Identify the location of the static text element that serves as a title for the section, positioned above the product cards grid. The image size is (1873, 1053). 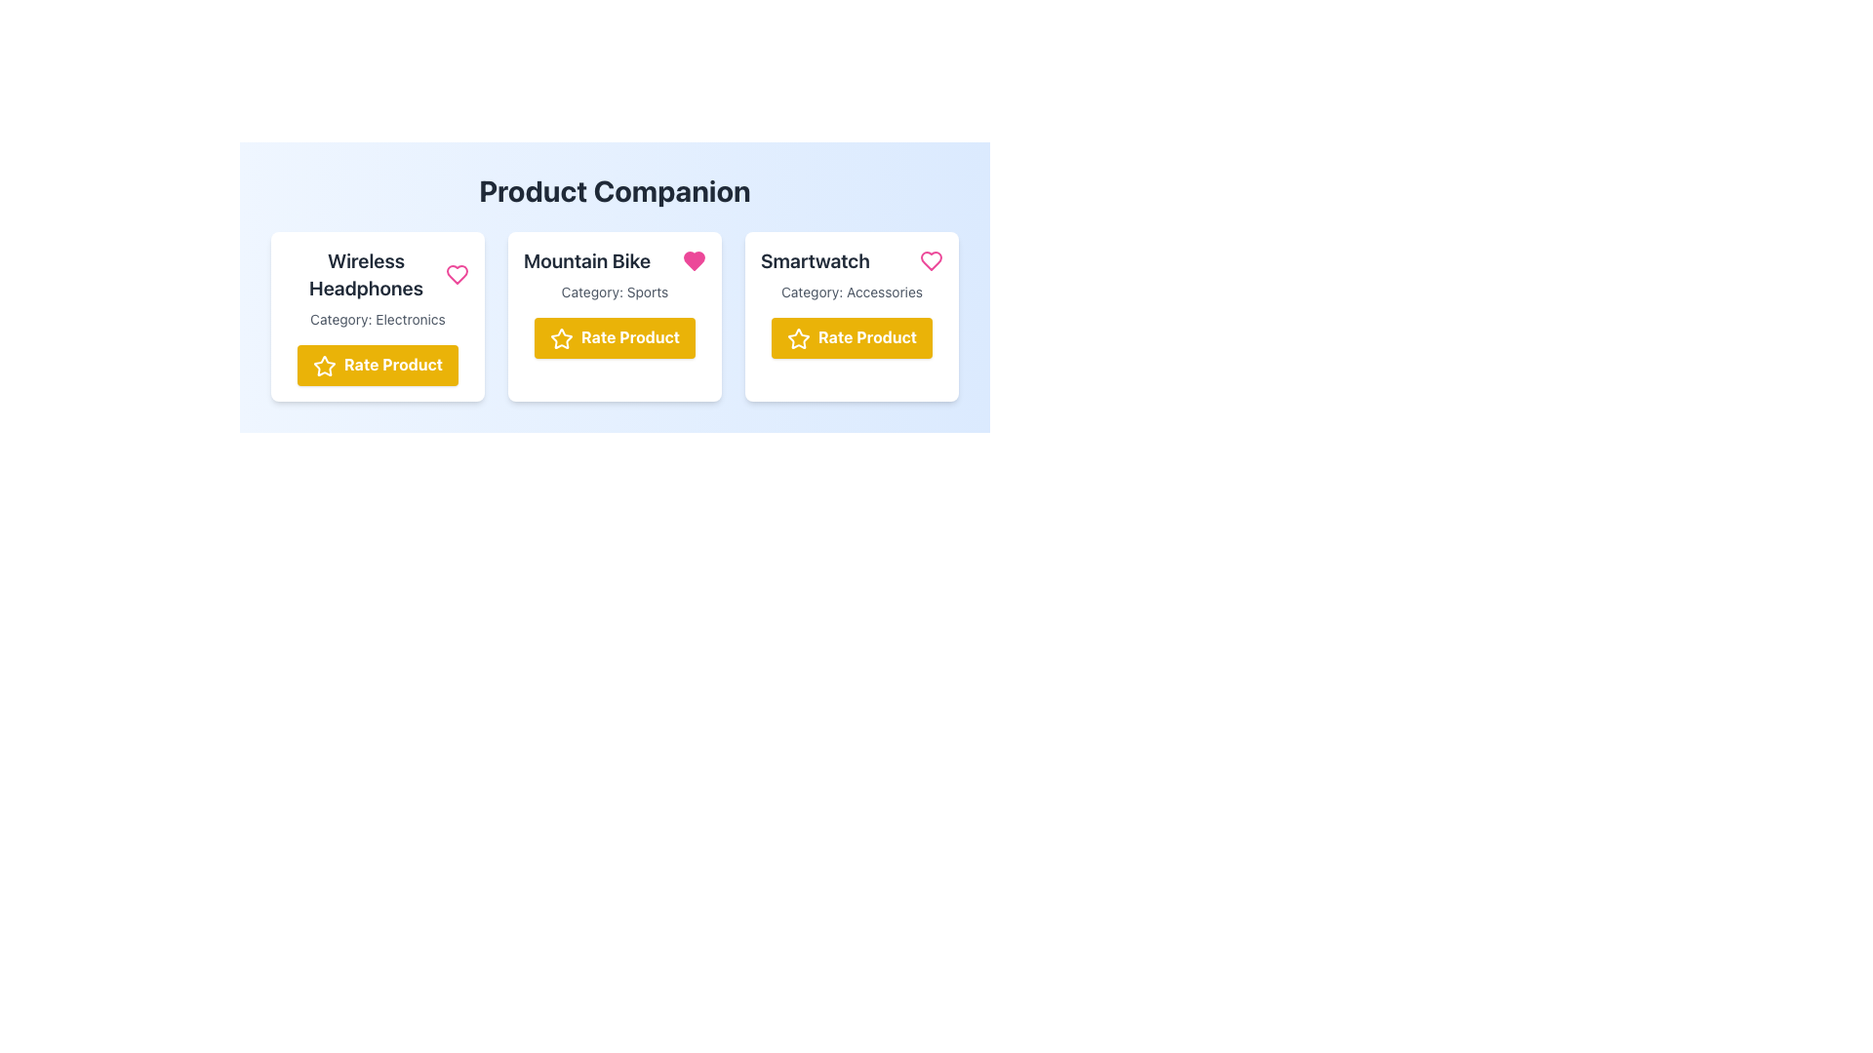
(614, 191).